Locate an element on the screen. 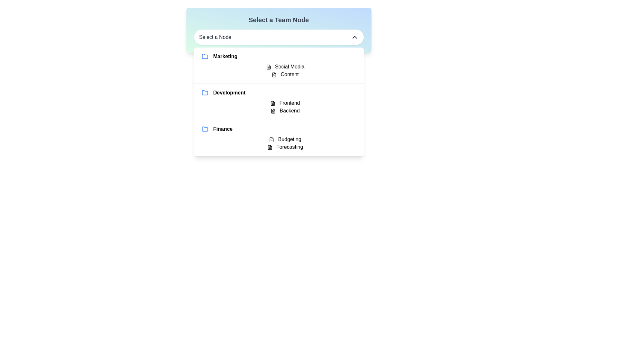 The height and width of the screenshot is (347, 617). the Forecasting icon located to the left of the 'Forecasting' text in the Finance section, which is the second item under 'Select a Team Node' is located at coordinates (270, 147).